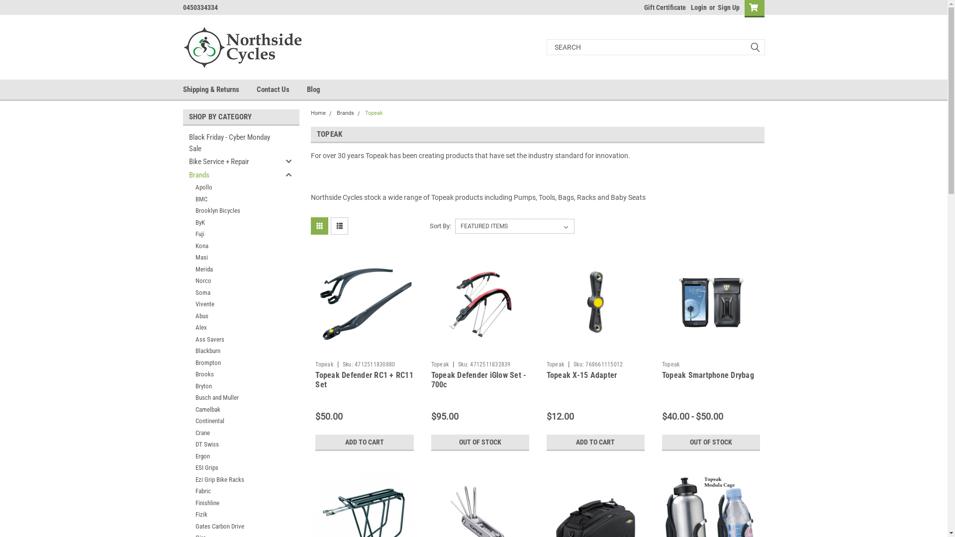 The image size is (955, 537). I want to click on 'Soma', so click(183, 291).